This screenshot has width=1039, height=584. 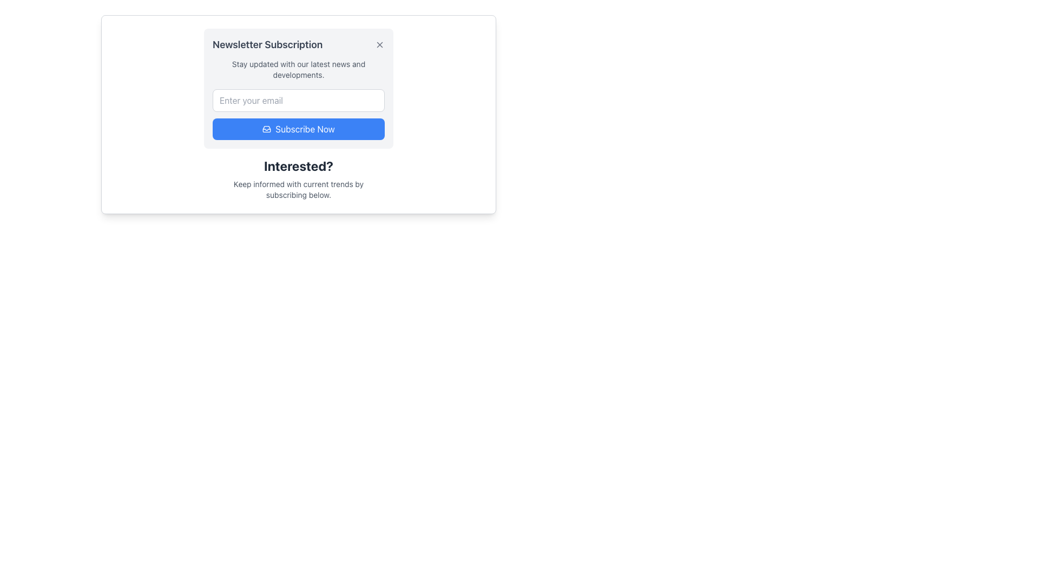 I want to click on the informational text label for the newsletter subscription, which is located below the title of the section and above the email input field, so click(x=299, y=69).